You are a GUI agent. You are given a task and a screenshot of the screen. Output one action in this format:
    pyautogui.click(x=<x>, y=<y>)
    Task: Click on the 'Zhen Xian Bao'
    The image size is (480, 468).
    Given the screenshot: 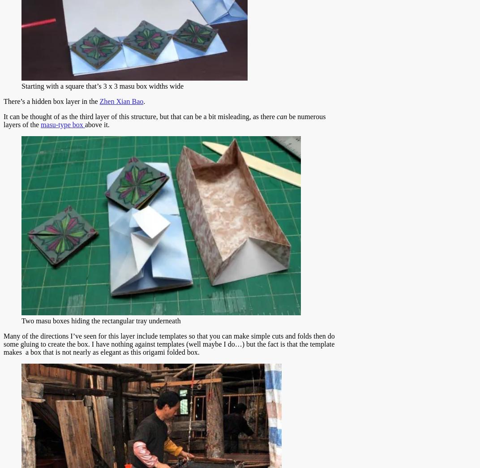 What is the action you would take?
    pyautogui.click(x=121, y=101)
    